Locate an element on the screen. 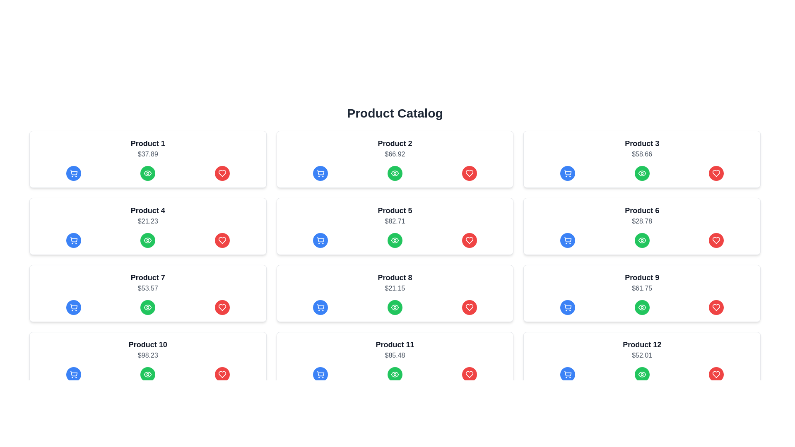  the product card located in the second row and third column of the product catalog grid is located at coordinates (641, 226).